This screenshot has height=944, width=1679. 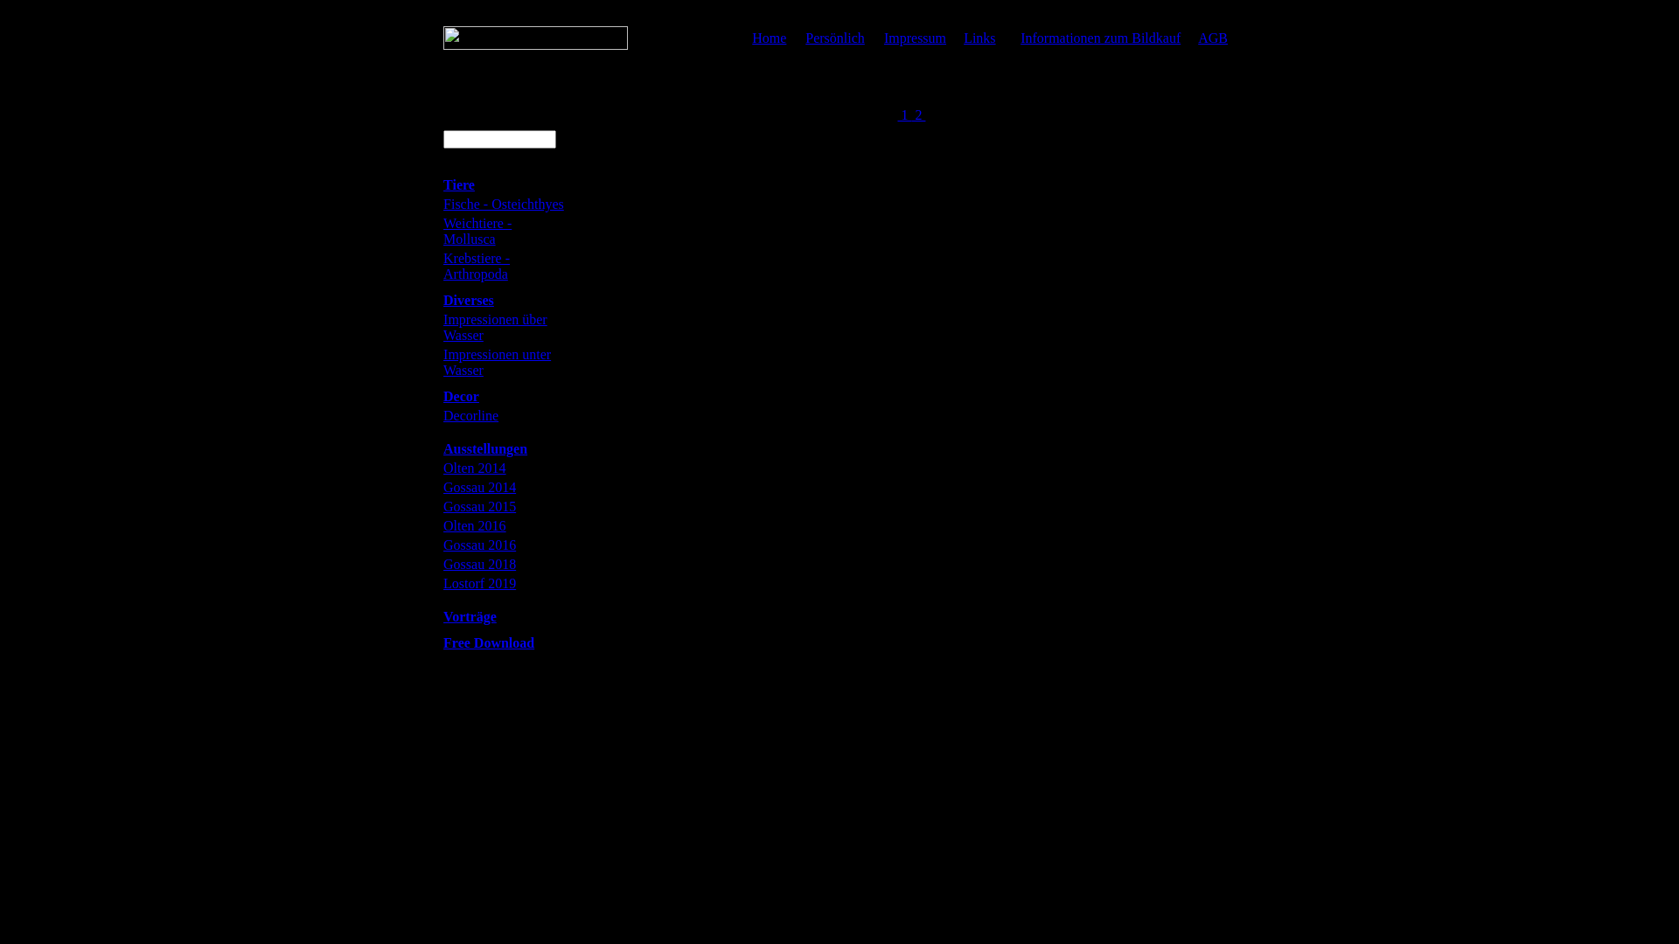 What do you see at coordinates (769, 37) in the screenshot?
I see `'Home'` at bounding box center [769, 37].